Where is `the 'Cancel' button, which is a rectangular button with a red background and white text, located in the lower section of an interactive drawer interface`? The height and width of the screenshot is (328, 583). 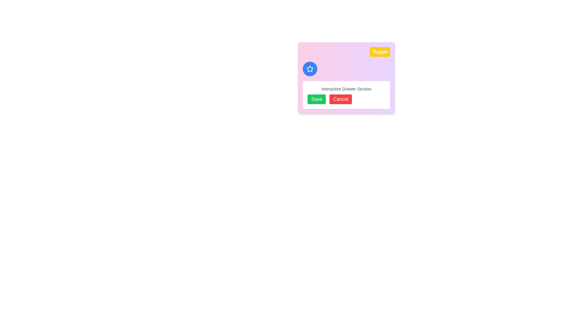 the 'Cancel' button, which is a rectangular button with a red background and white text, located in the lower section of an interactive drawer interface is located at coordinates (341, 99).